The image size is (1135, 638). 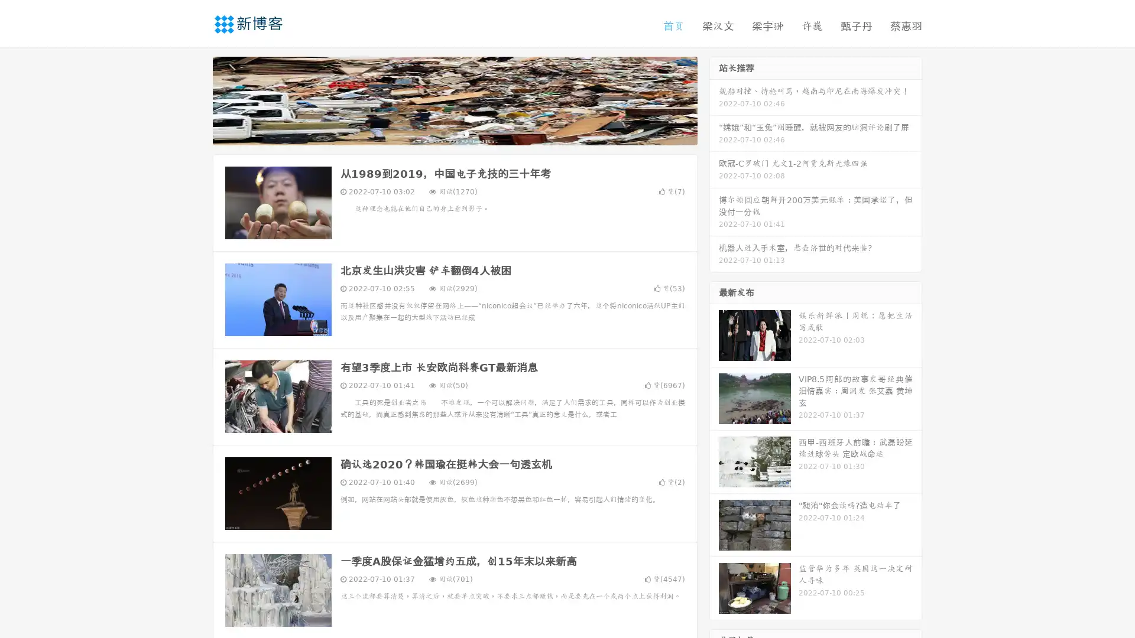 What do you see at coordinates (454, 133) in the screenshot?
I see `Go to slide 2` at bounding box center [454, 133].